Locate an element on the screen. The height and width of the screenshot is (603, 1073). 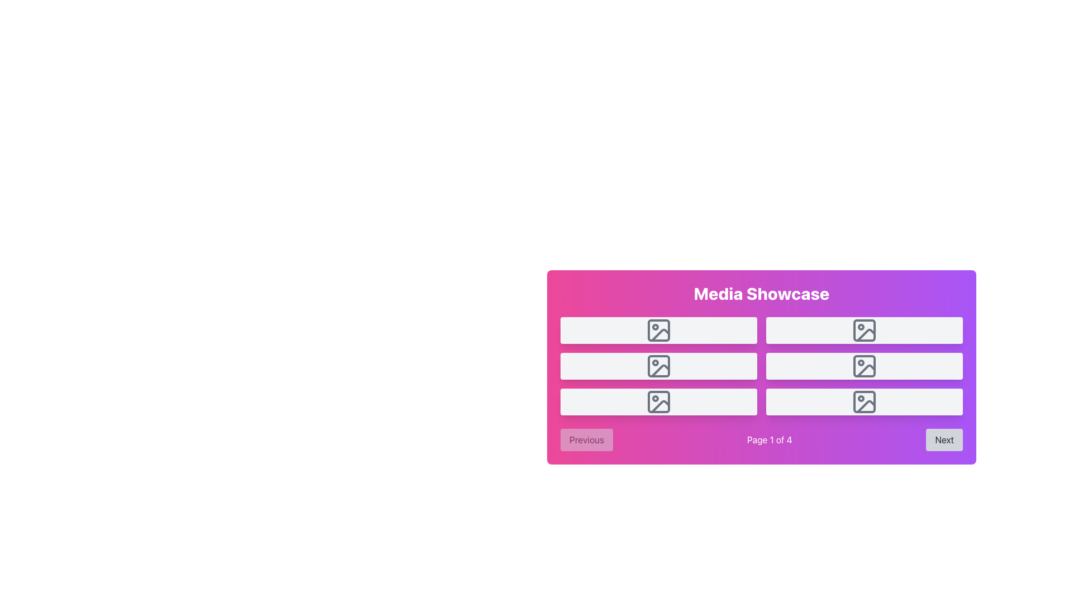
the image placeholder icon located in the second row and first column of the grid in the 'Media Showcase' panel is located at coordinates (659, 329).